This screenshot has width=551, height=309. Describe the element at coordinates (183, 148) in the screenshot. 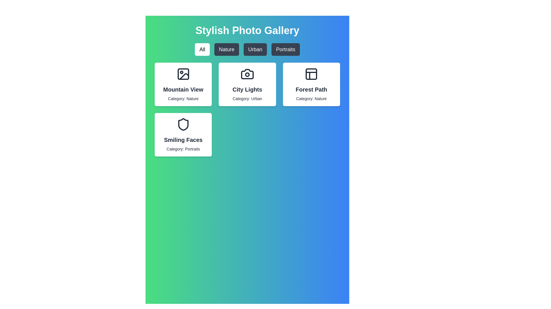

I see `text of the 'Portraits' category label located beneath the title 'Smiling Faces' in the second row of the grid` at that location.